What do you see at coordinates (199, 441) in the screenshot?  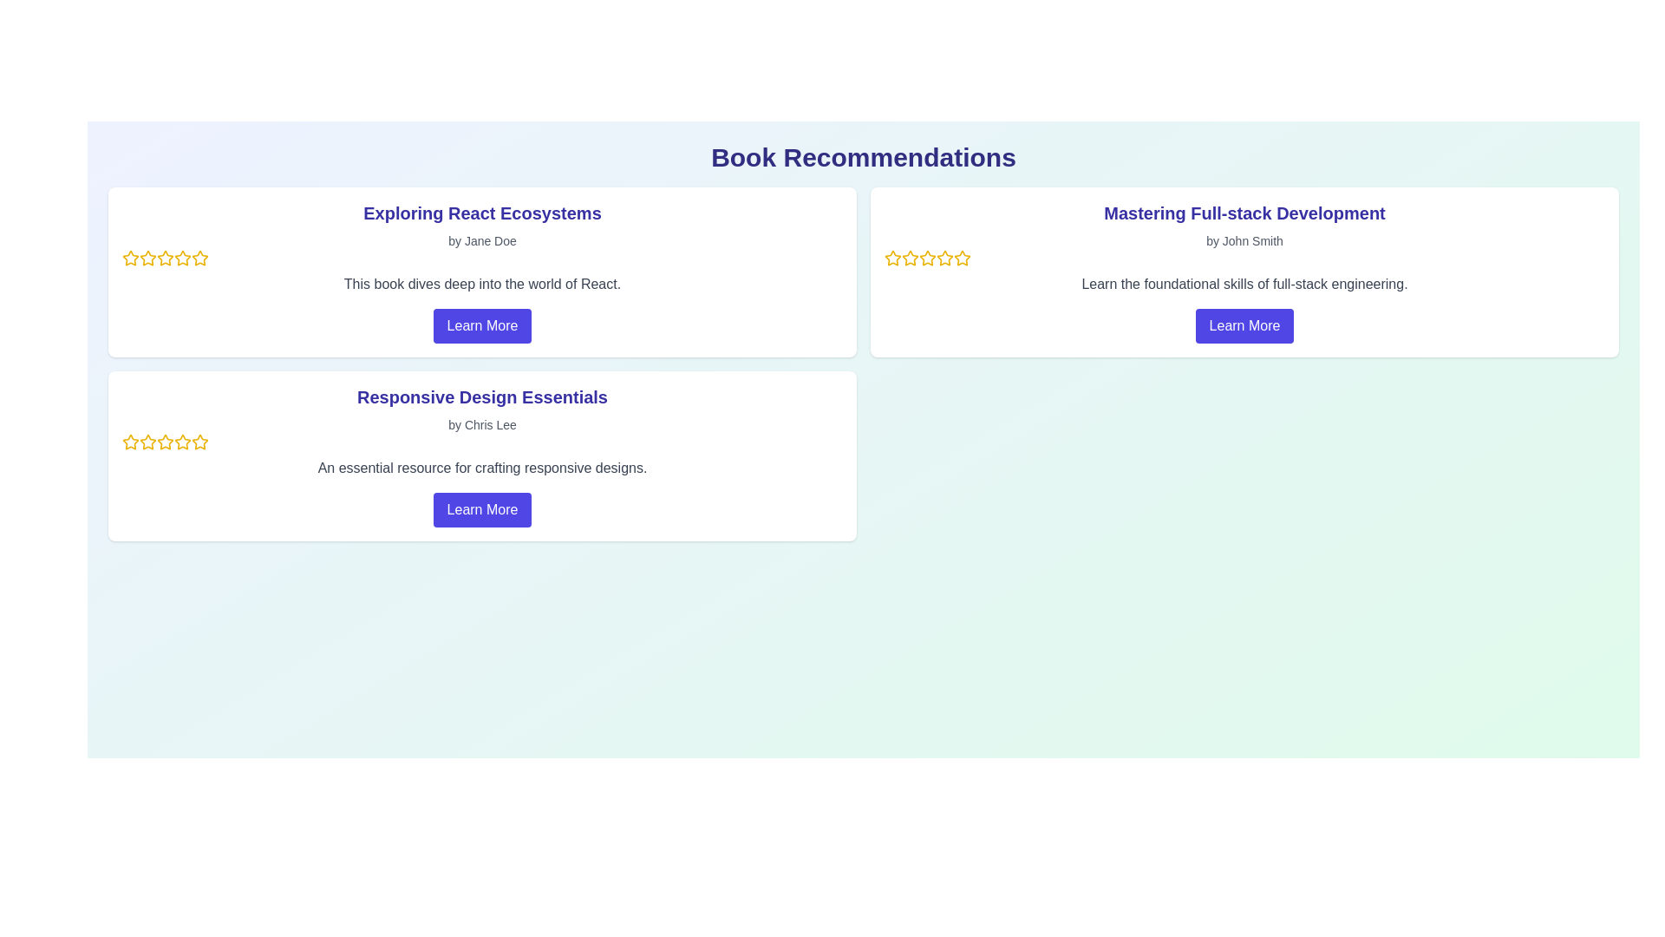 I see `the fourth star in the rating system of the 'Responsive Design Essentials' card to interact with it` at bounding box center [199, 441].